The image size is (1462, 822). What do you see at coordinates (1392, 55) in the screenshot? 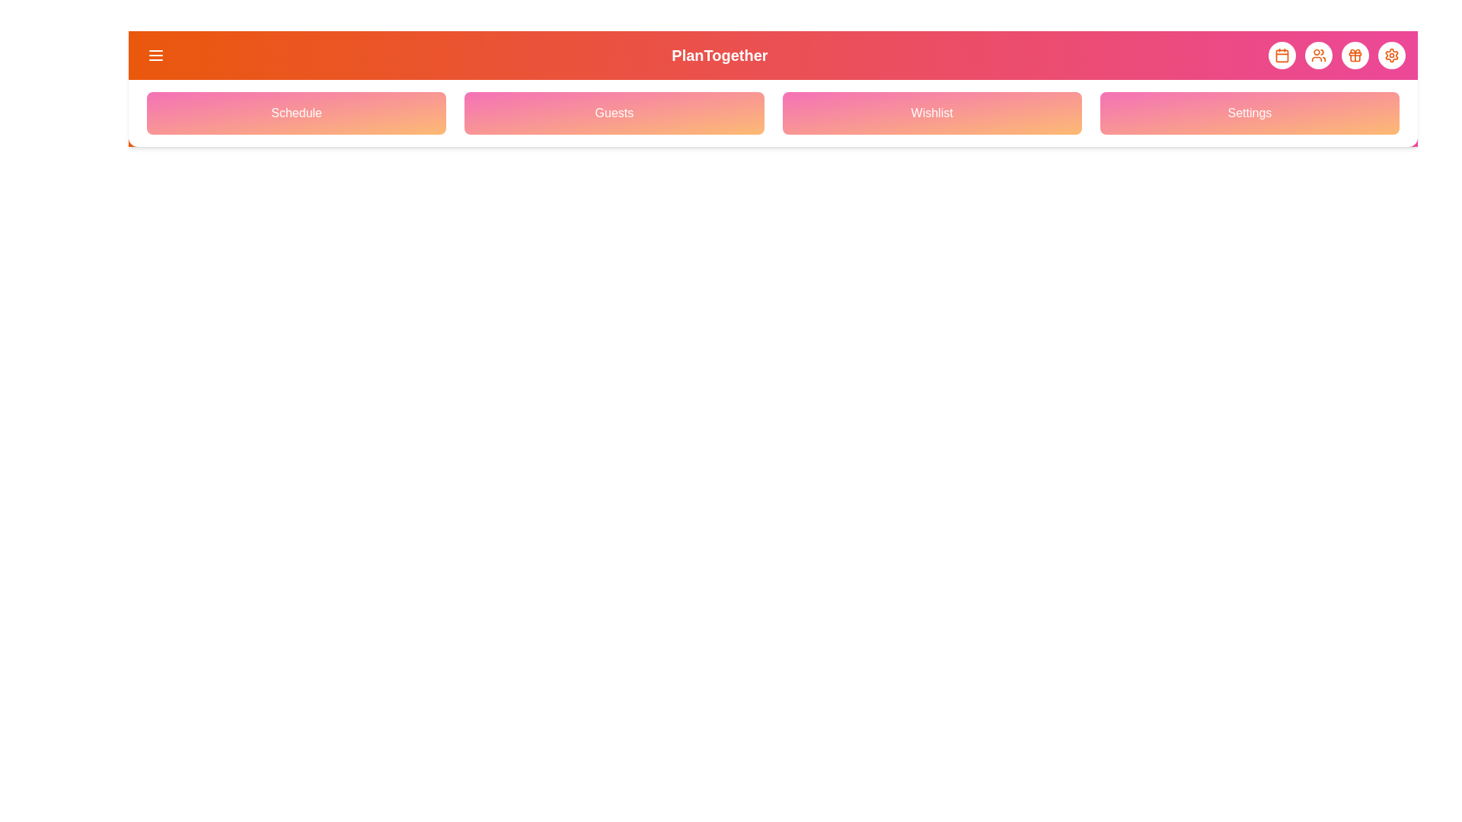
I see `the element with Settings Icon to observe its hover effect` at bounding box center [1392, 55].